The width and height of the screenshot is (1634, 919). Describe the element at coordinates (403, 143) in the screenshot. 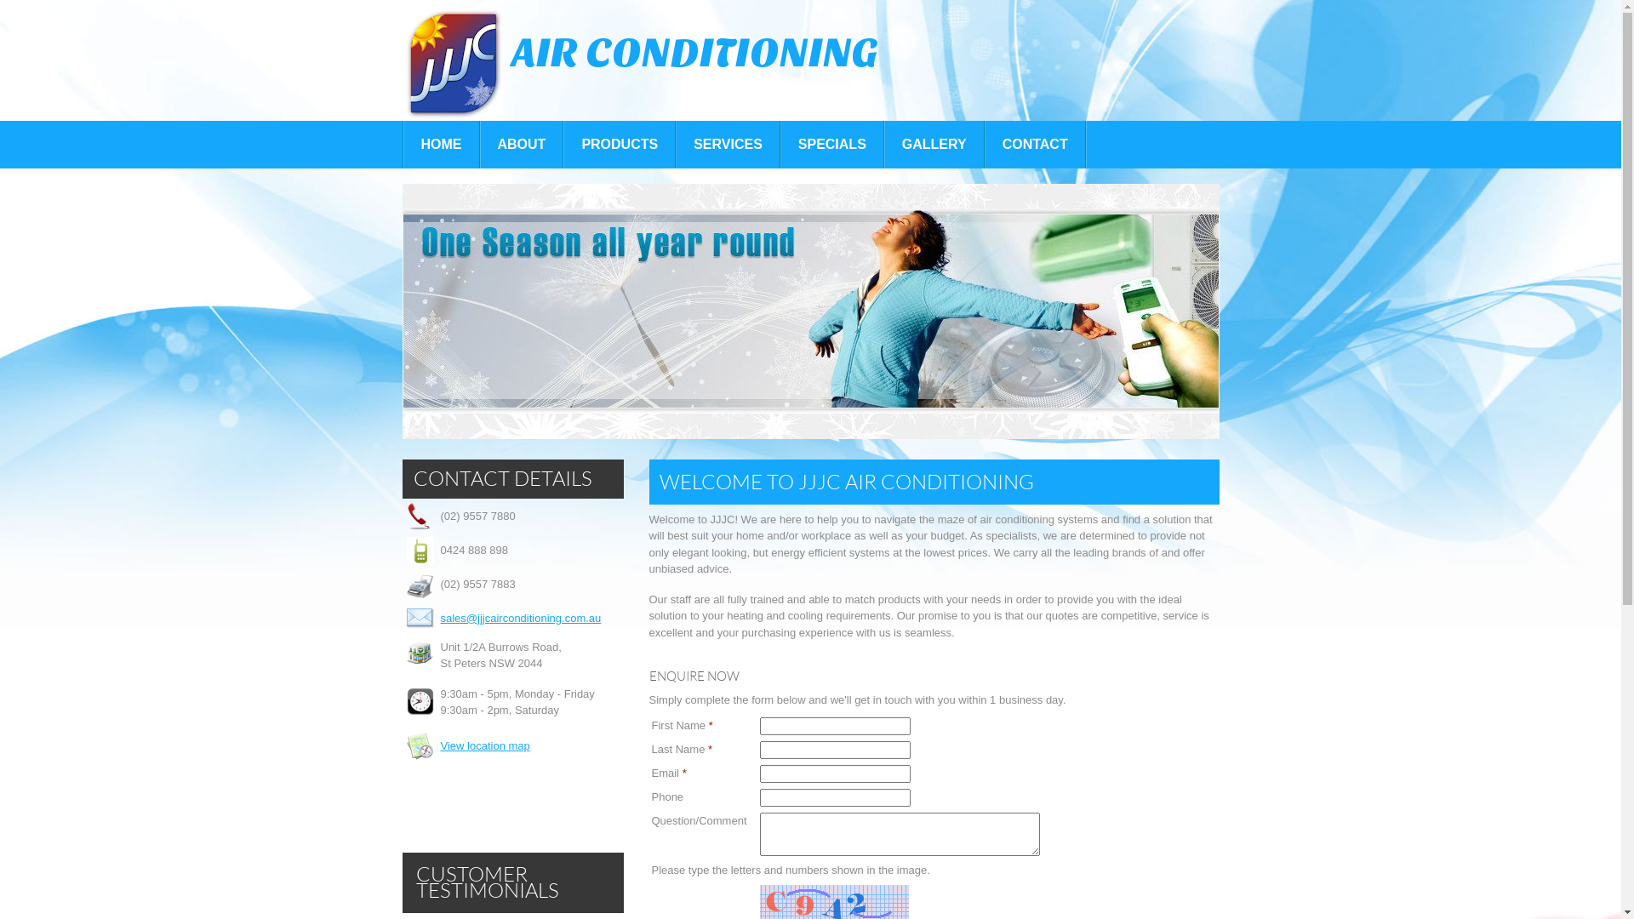

I see `'HOME'` at that location.